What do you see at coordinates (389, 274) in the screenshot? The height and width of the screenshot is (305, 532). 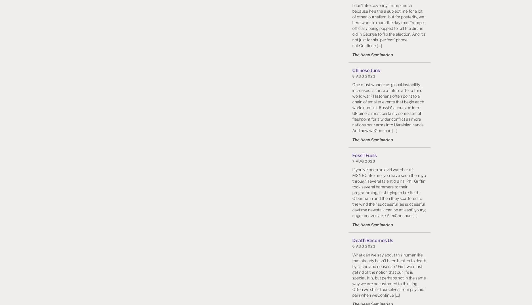 I see `'What can we say about this human life that already hasn’t been beaten to death by cliche and nonsense? First we must get rid of the notion that our life is special. It is, but perhaps not in the same way we are accustomed to thinking. Often we shield ourselves from psychic pain when weContinue […]'` at bounding box center [389, 274].